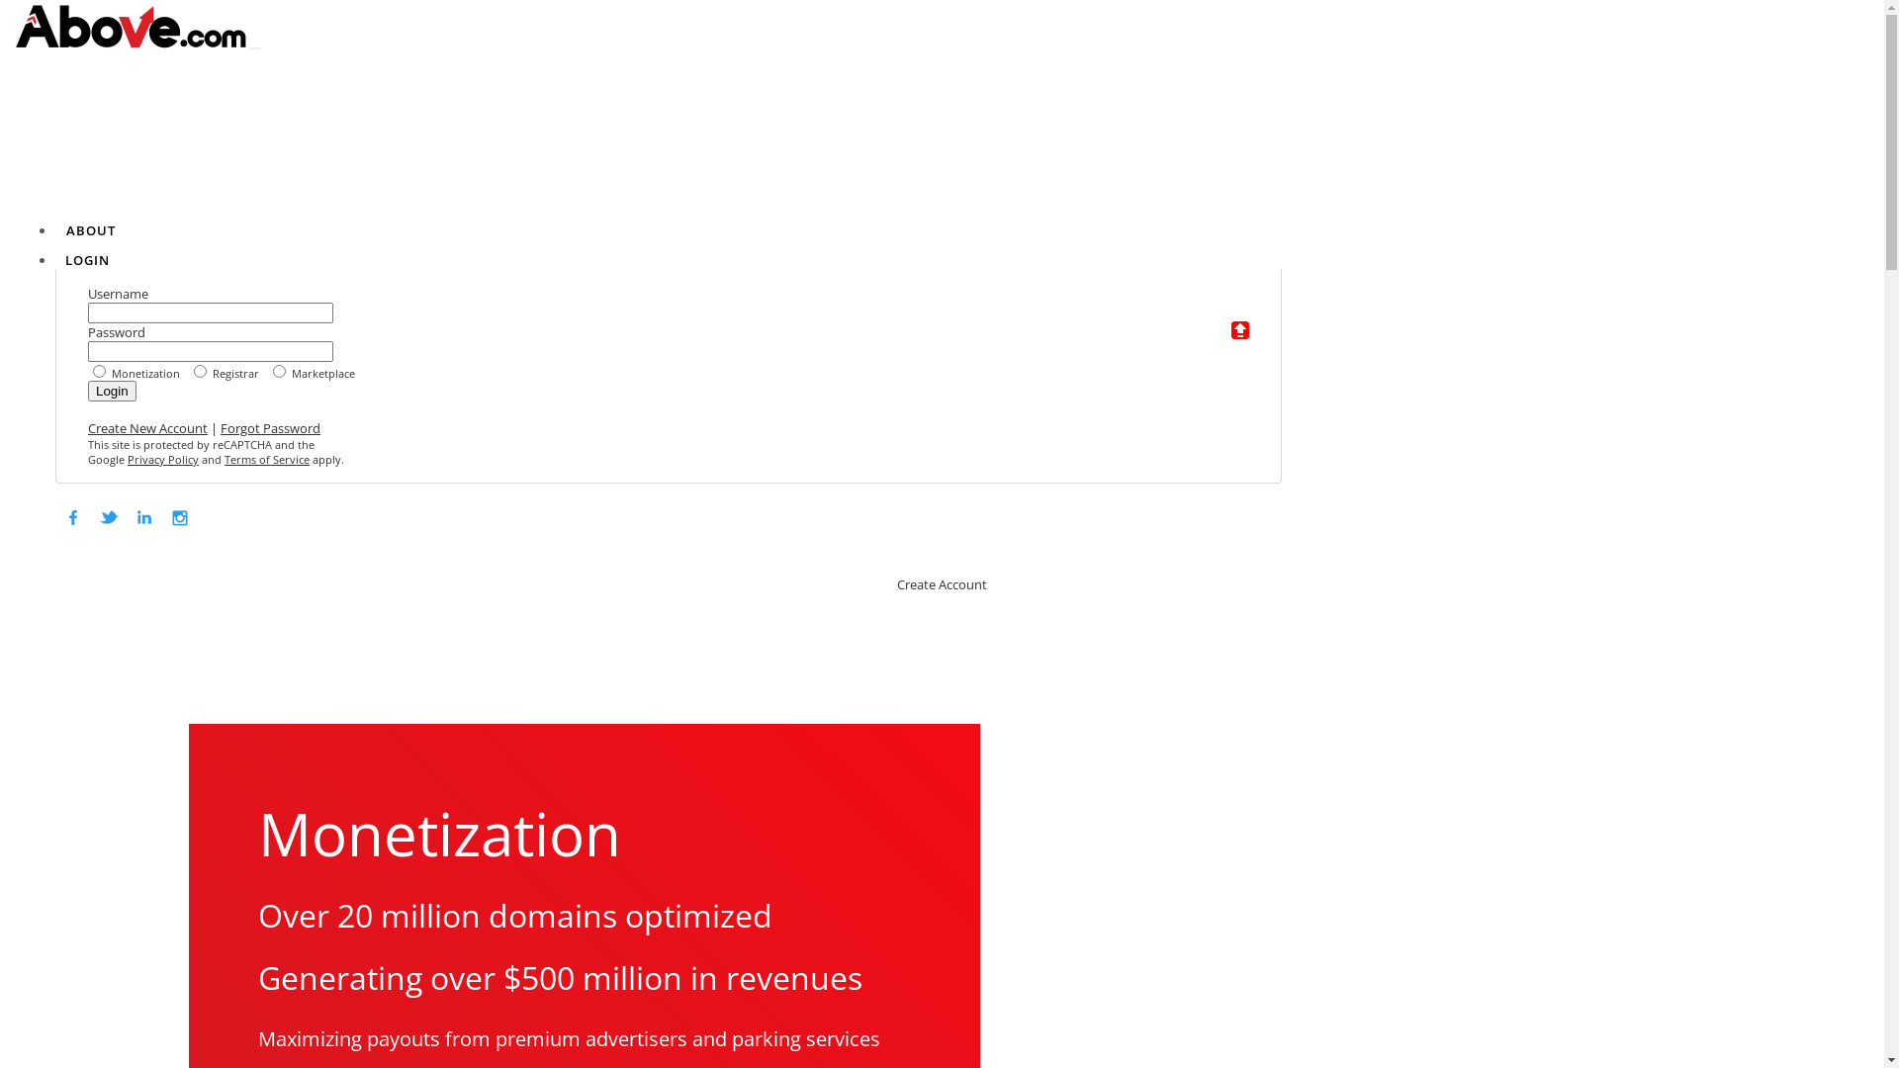 Image resolution: width=1899 pixels, height=1068 pixels. Describe the element at coordinates (162, 459) in the screenshot. I see `'Privacy Policy'` at that location.